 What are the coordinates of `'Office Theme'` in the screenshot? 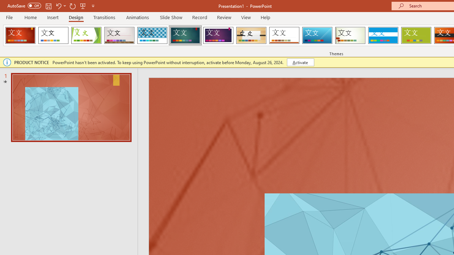 It's located at (53, 35).